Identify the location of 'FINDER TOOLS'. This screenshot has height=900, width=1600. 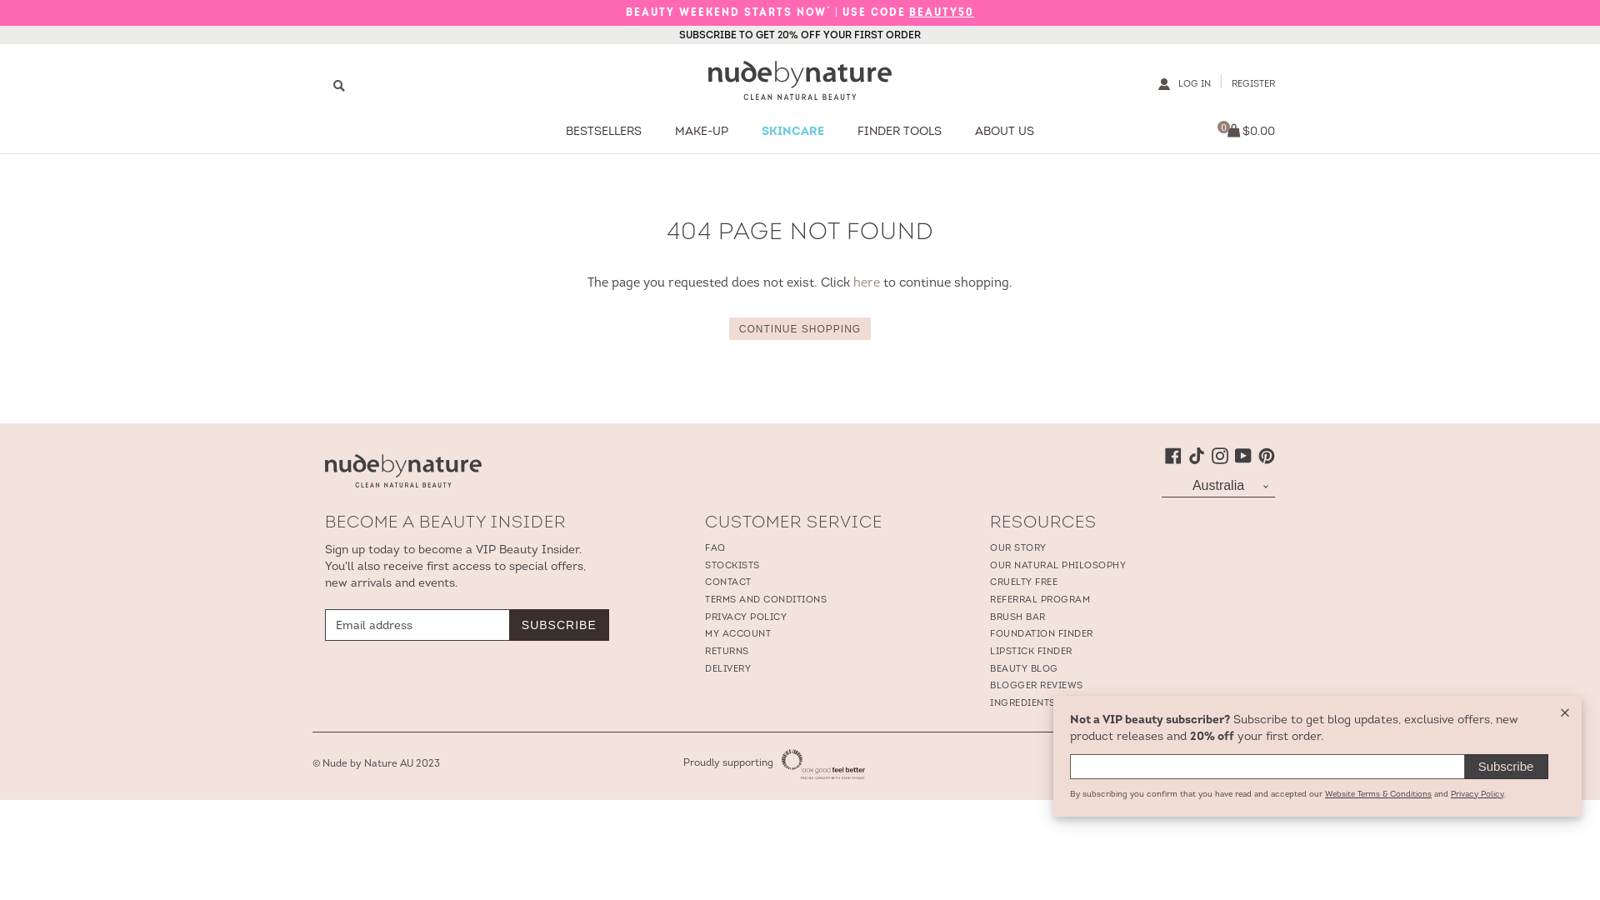
(898, 130).